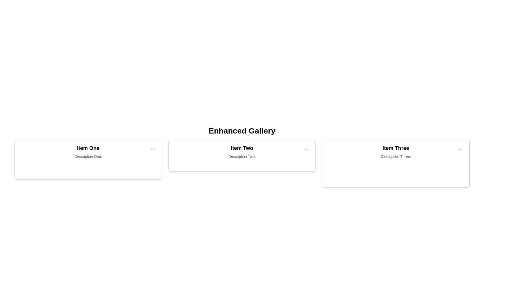 The width and height of the screenshot is (506, 285). What do you see at coordinates (306, 149) in the screenshot?
I see `the ellipsis icon in the top-right corner of the 'Item Two' card` at bounding box center [306, 149].